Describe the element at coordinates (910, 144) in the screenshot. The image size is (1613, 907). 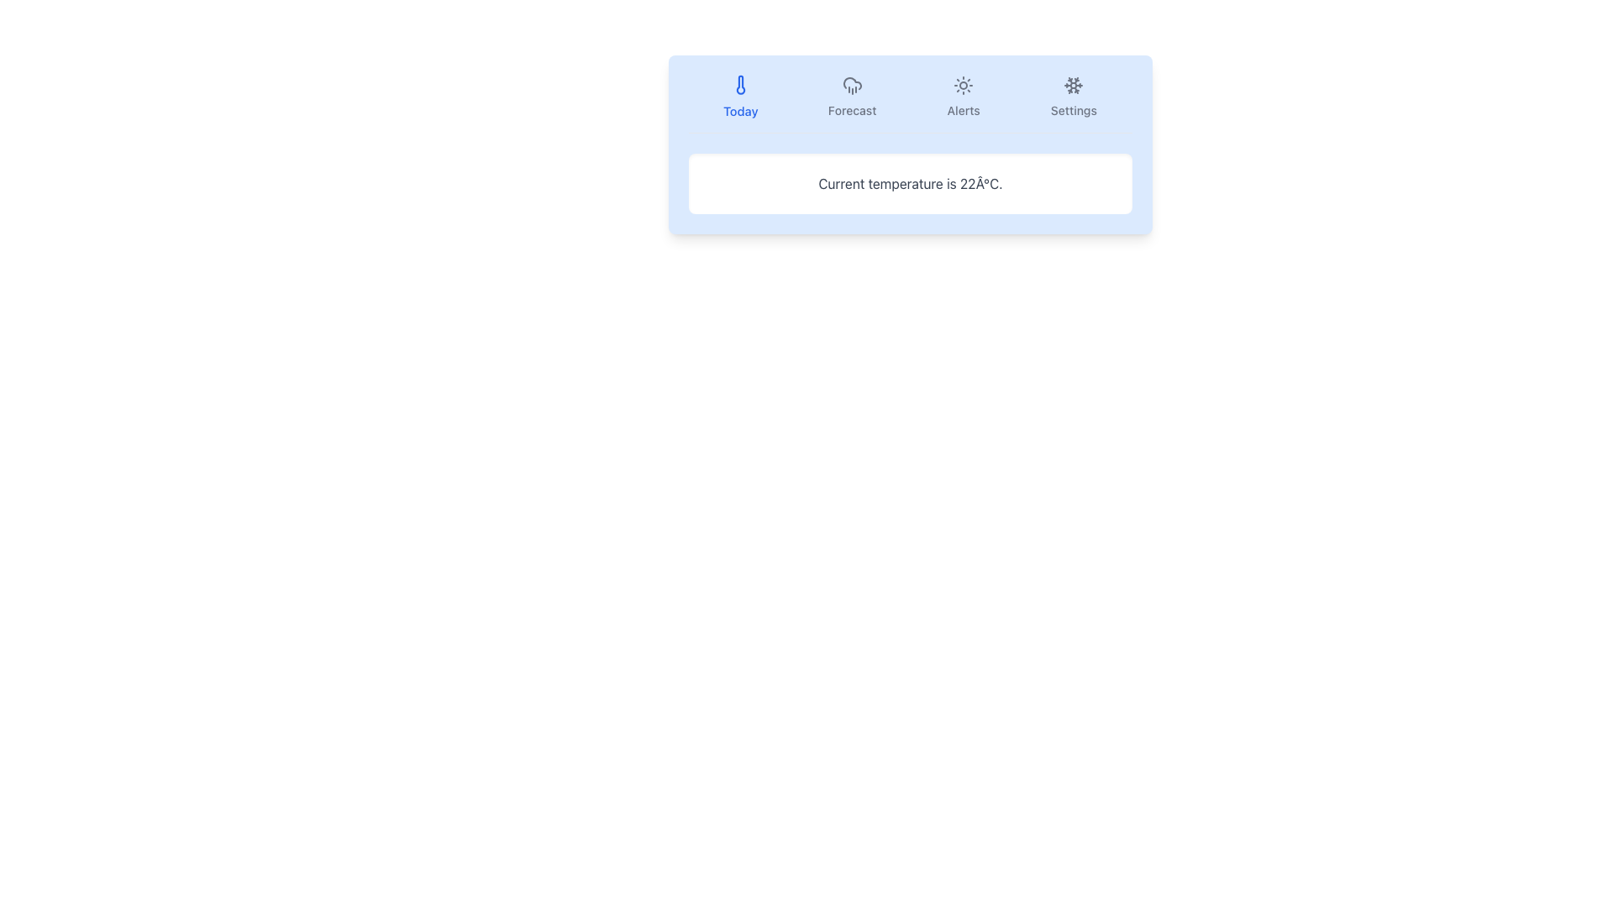
I see `temperature information displayed in the informational panel located in the central upper portion of the interface` at that location.